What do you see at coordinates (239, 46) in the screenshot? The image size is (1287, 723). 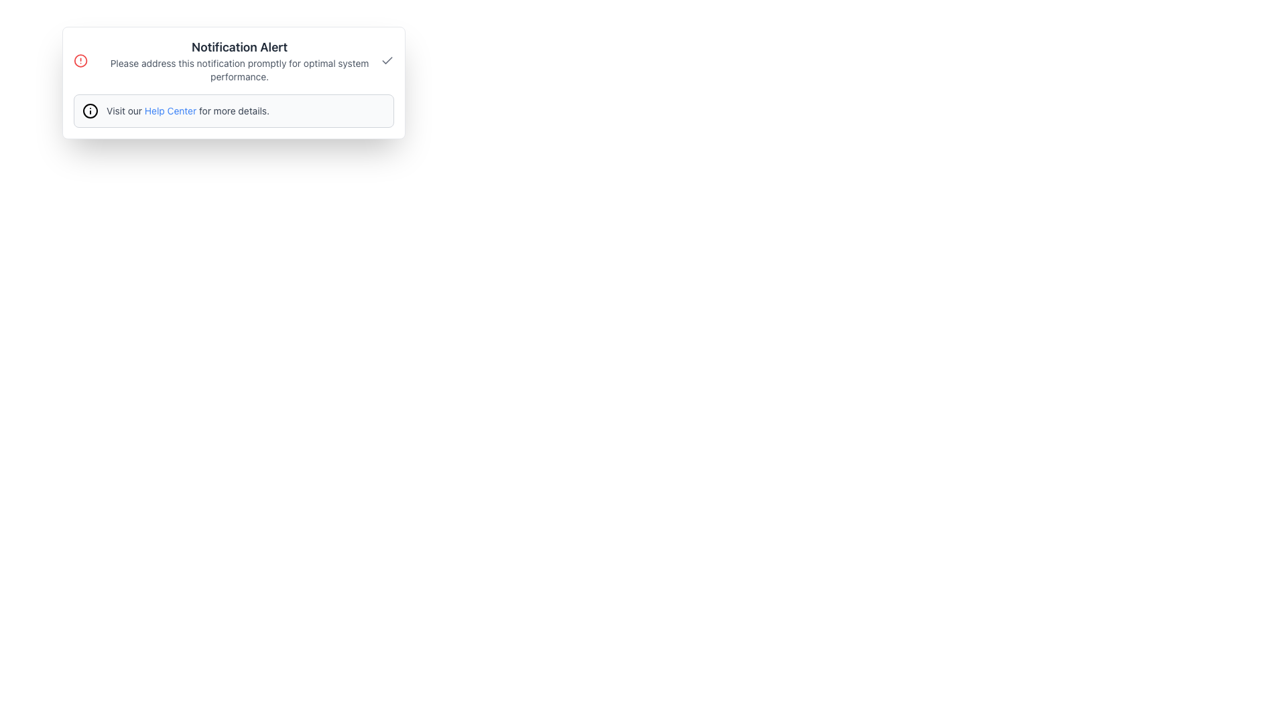 I see `displayed content of the text label showing 'Notification Alert', which is styled in a larger font size, bold weight, and dark gray color` at bounding box center [239, 46].